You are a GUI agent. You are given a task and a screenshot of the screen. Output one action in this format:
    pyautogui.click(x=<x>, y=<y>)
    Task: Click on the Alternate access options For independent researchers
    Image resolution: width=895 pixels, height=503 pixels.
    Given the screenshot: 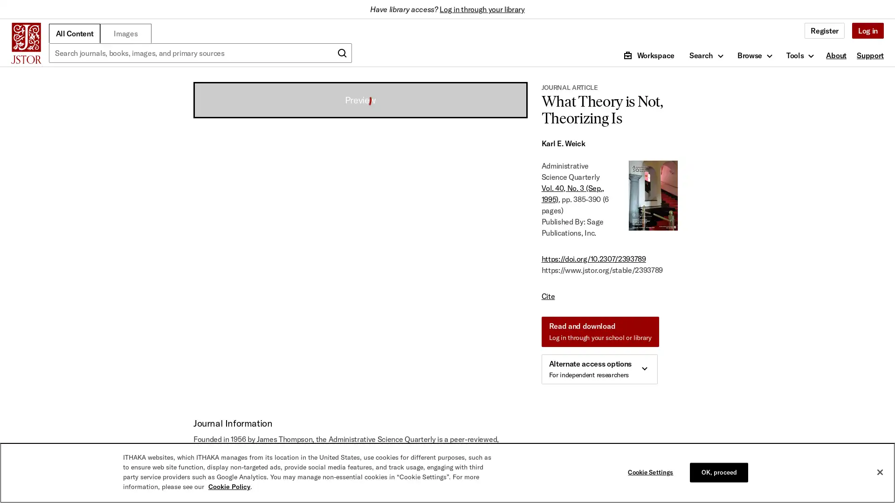 What is the action you would take?
    pyautogui.click(x=599, y=369)
    